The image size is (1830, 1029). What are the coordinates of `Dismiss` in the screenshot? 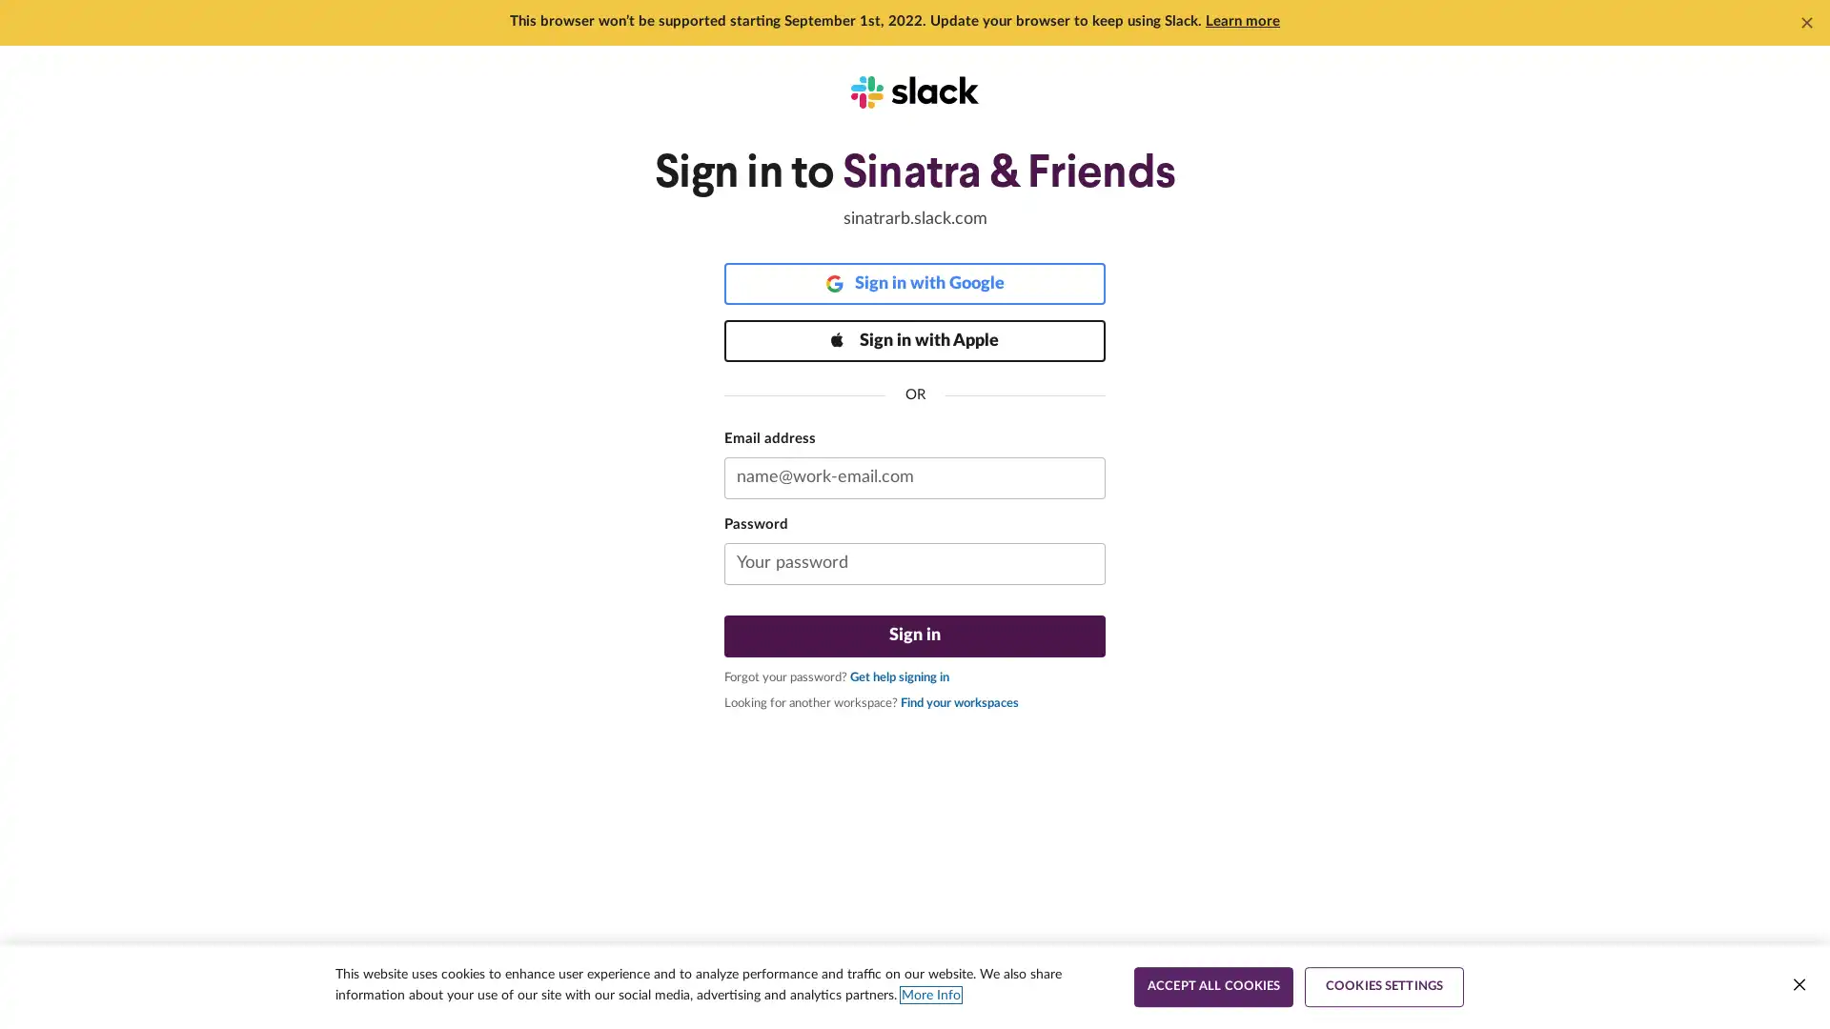 It's located at (1806, 22).